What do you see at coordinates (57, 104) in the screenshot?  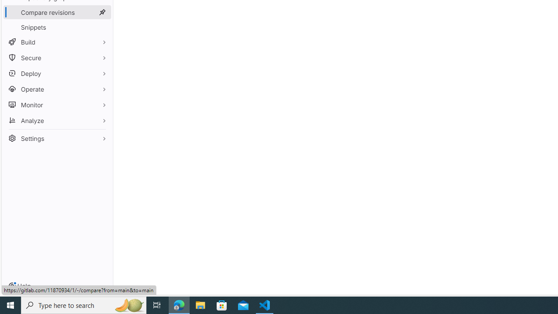 I see `'Monitor'` at bounding box center [57, 104].